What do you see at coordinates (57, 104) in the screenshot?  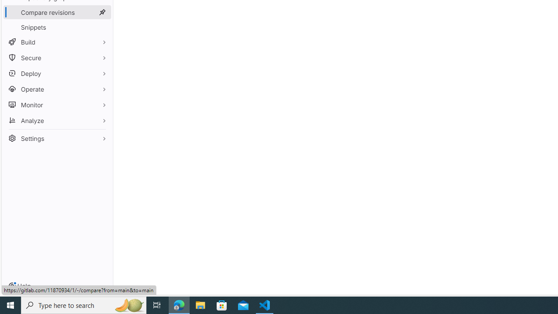 I see `'Monitor'` at bounding box center [57, 104].